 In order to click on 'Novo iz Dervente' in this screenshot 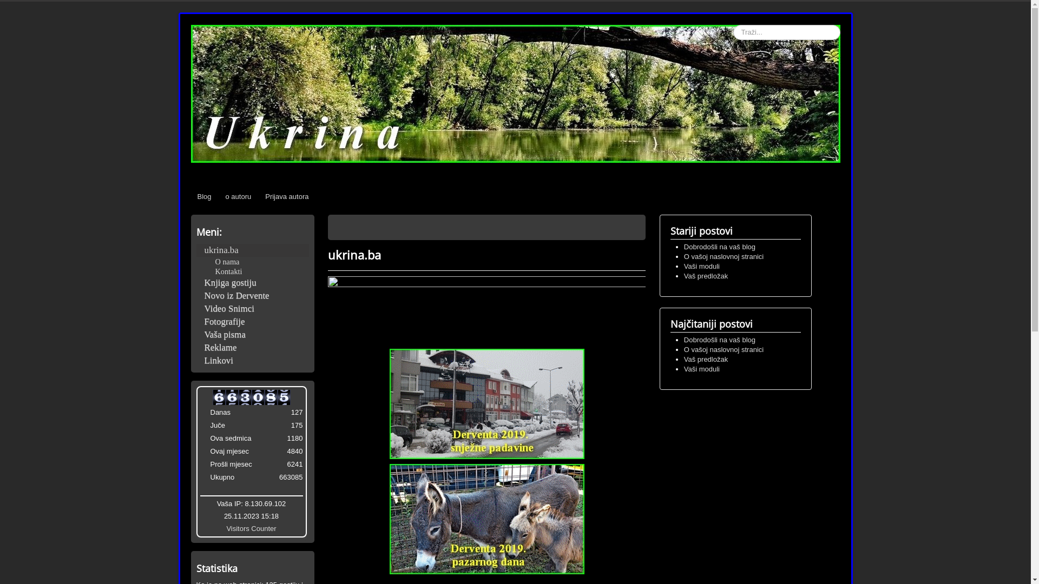, I will do `click(251, 296)`.